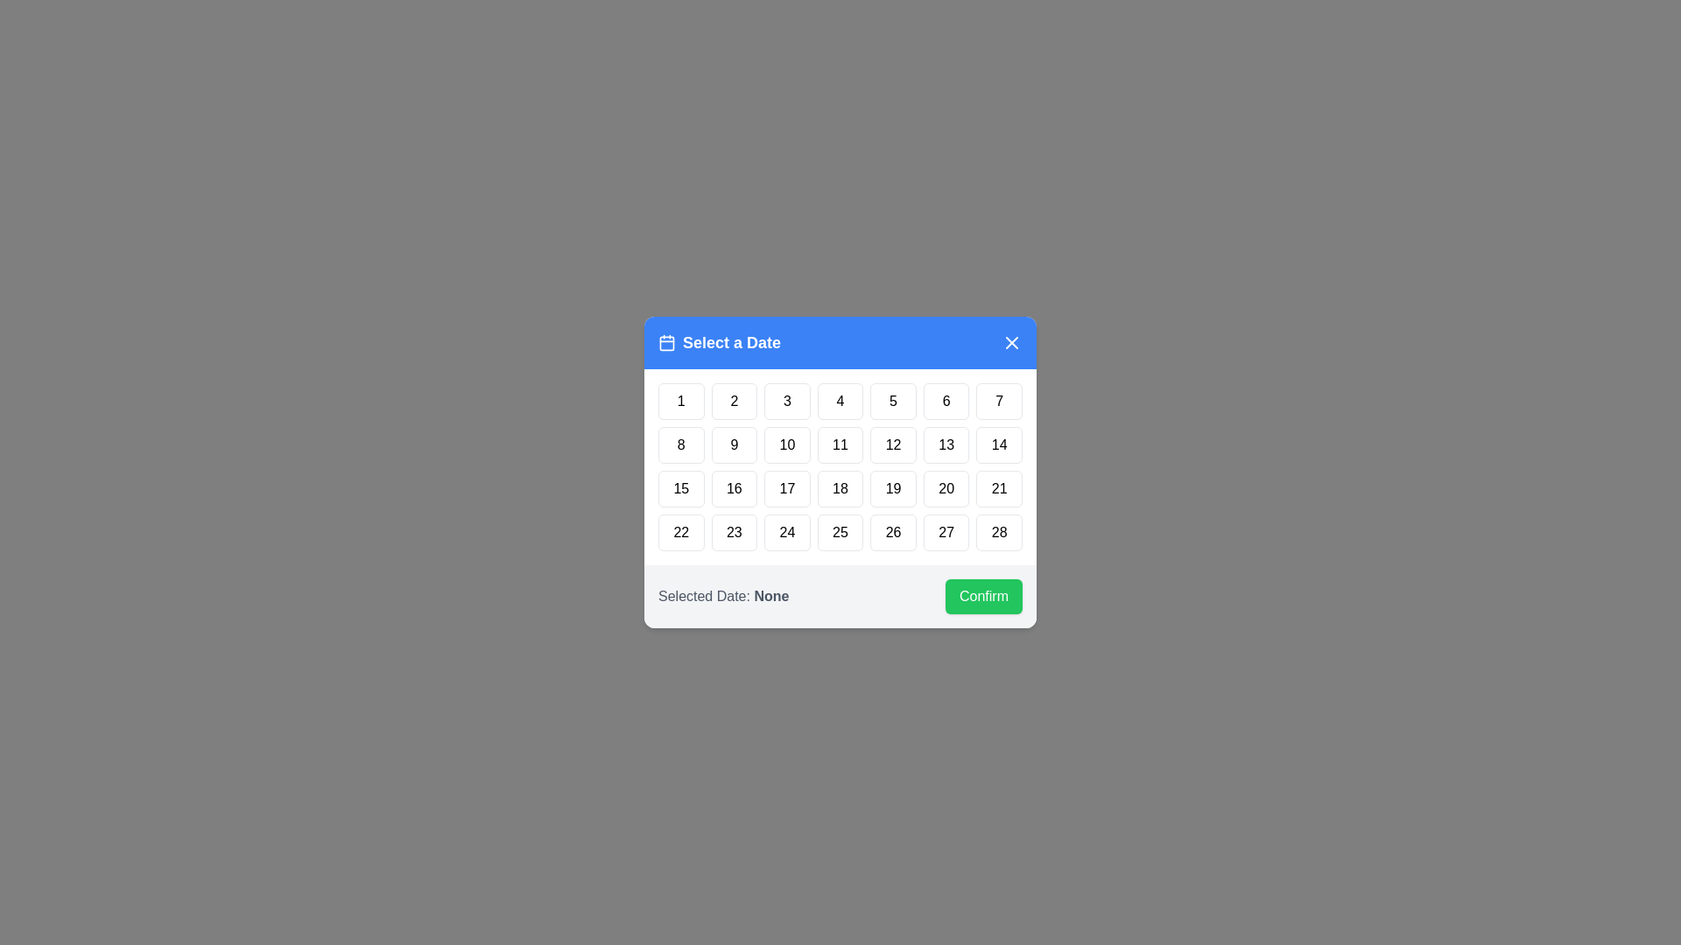 This screenshot has width=1681, height=945. Describe the element at coordinates (1000, 532) in the screenshot. I see `the day button labeled 28 to highlight it` at that location.